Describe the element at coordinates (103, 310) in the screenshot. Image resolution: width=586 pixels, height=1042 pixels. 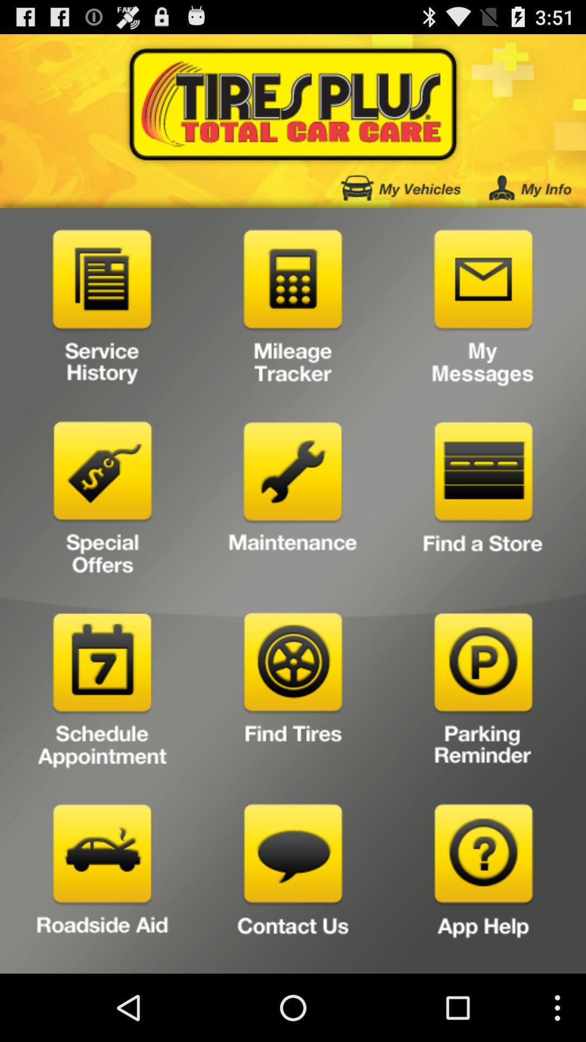
I see `open service history` at that location.